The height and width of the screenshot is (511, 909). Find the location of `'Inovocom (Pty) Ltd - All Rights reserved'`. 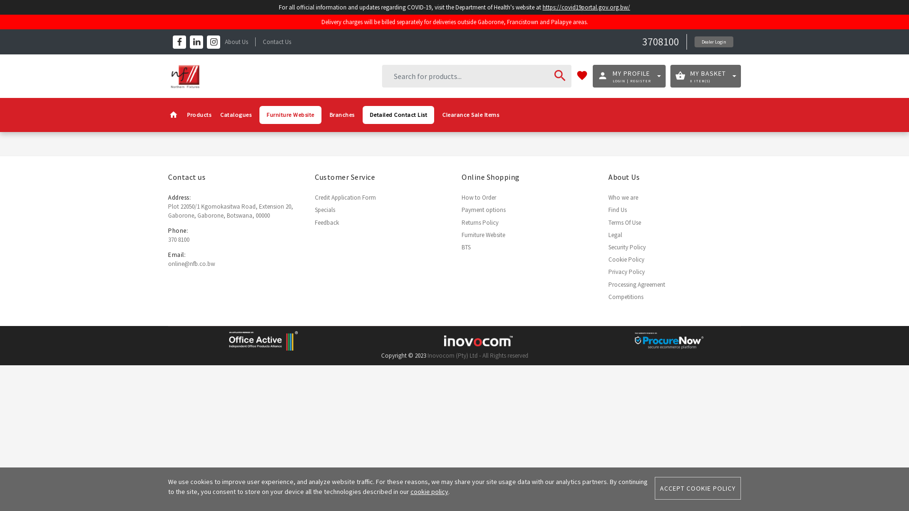

'Inovocom (Pty) Ltd - All Rights reserved' is located at coordinates (427, 355).